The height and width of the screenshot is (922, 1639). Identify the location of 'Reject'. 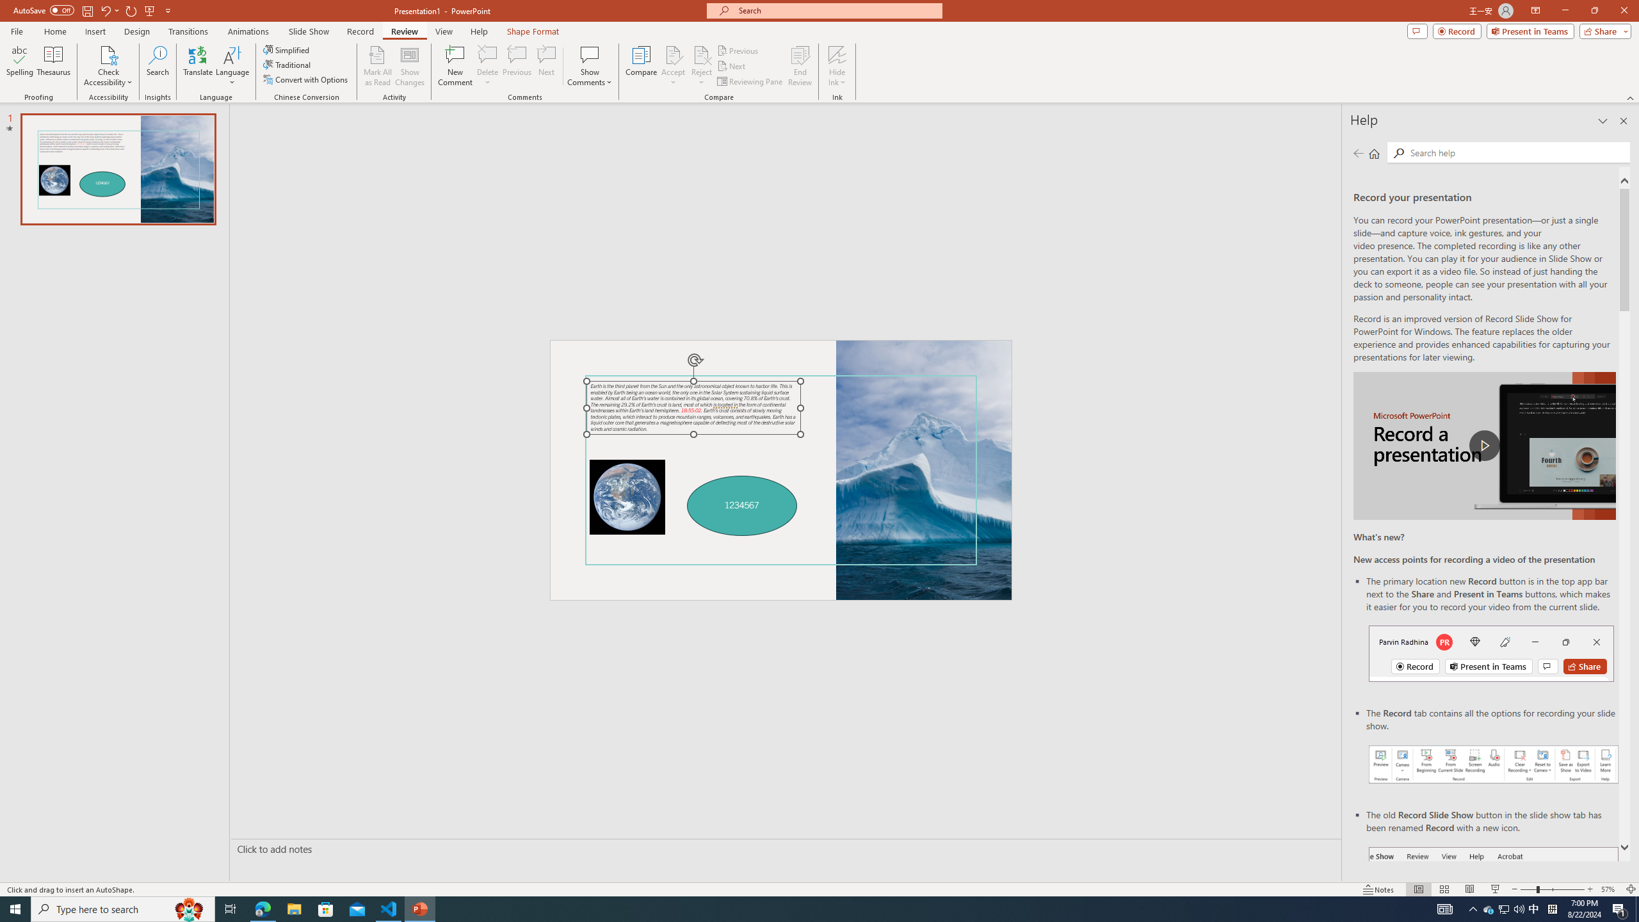
(700, 66).